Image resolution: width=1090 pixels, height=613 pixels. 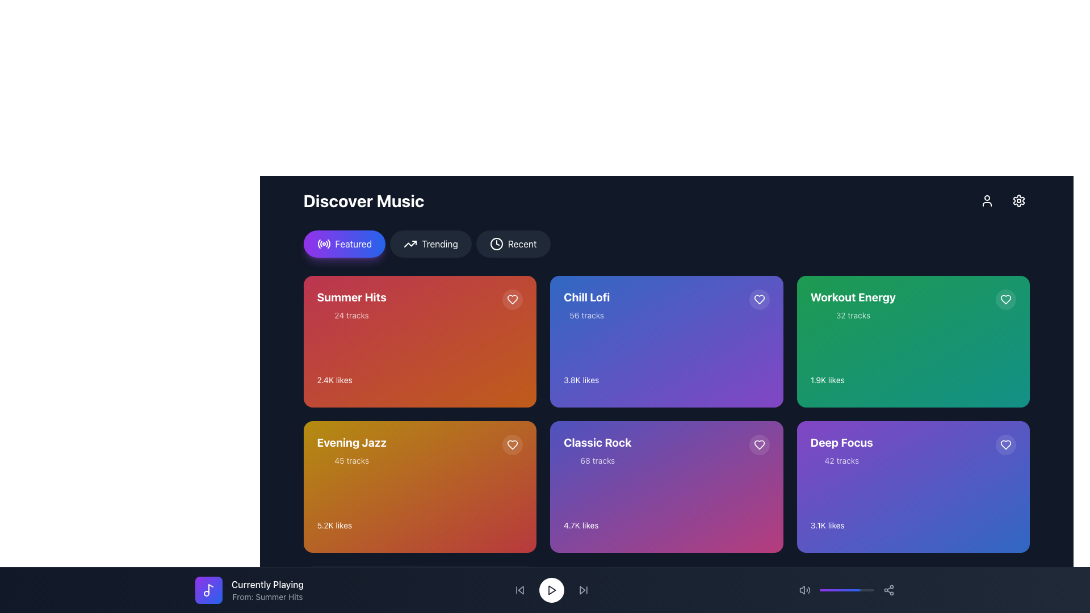 I want to click on the text label displaying the number of likes for the 'Chill Lofi' card, which is positioned in the bottom-left corner of the card, so click(x=581, y=380).